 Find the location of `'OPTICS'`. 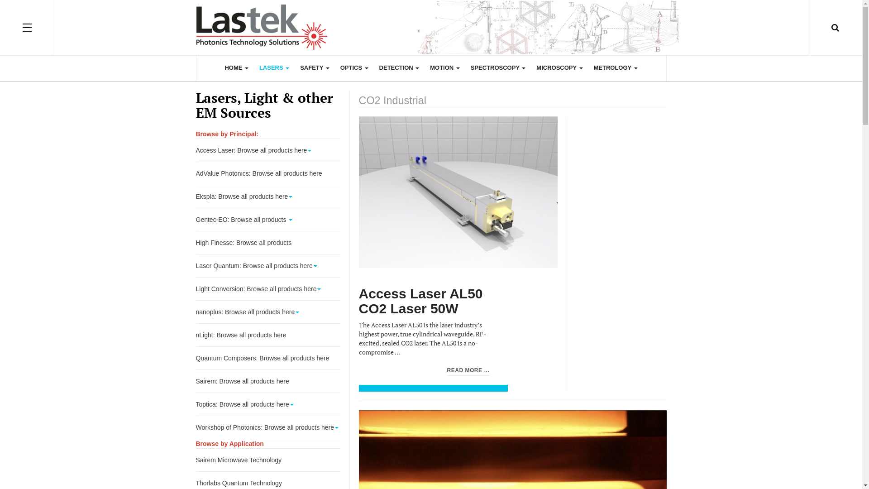

'OPTICS' is located at coordinates (353, 67).